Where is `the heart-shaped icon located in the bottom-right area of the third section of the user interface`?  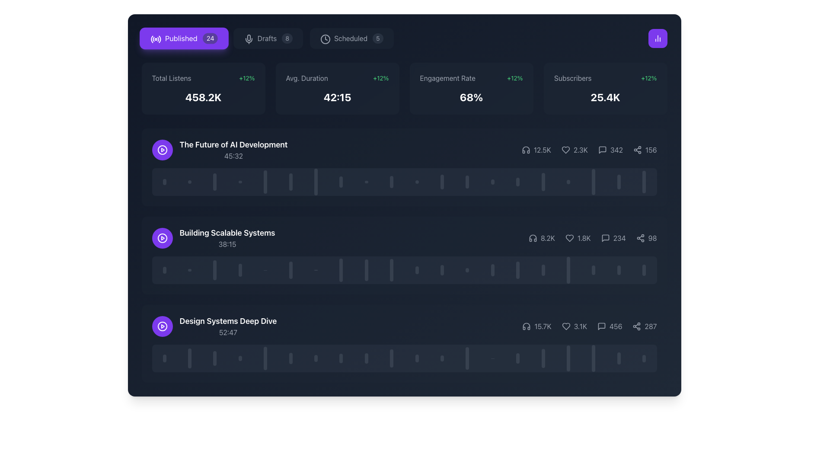
the heart-shaped icon located in the bottom-right area of the third section of the user interface is located at coordinates (566, 326).